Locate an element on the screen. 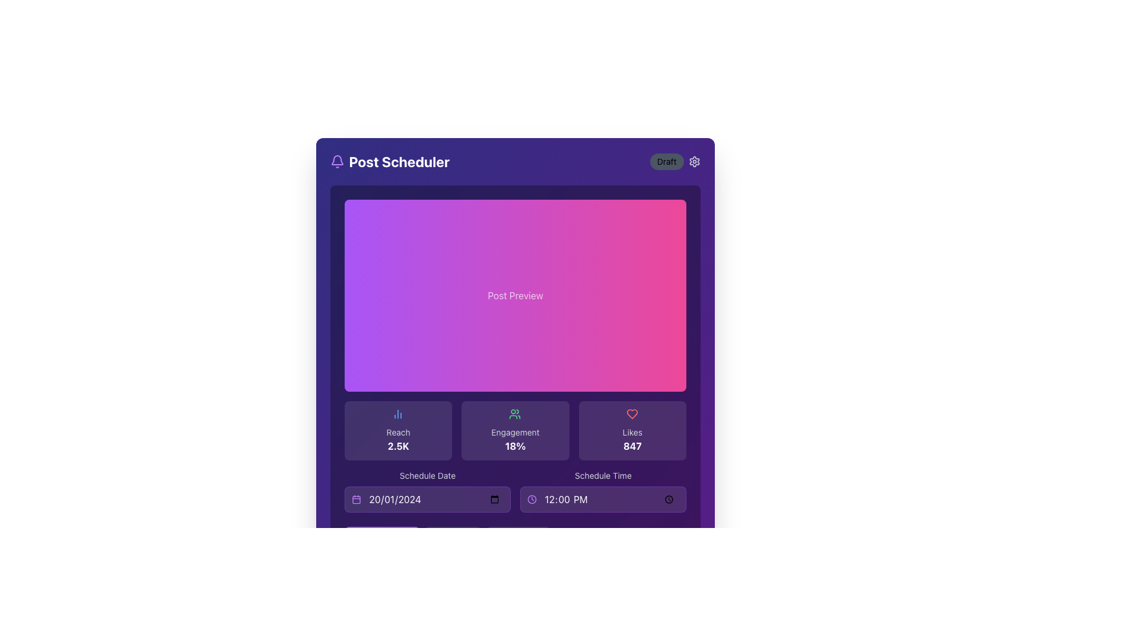 The width and height of the screenshot is (1139, 640). the informational label displaying 'Draft' status located in the top right corner of the interface, adjacent to the gear icon is located at coordinates (667, 162).